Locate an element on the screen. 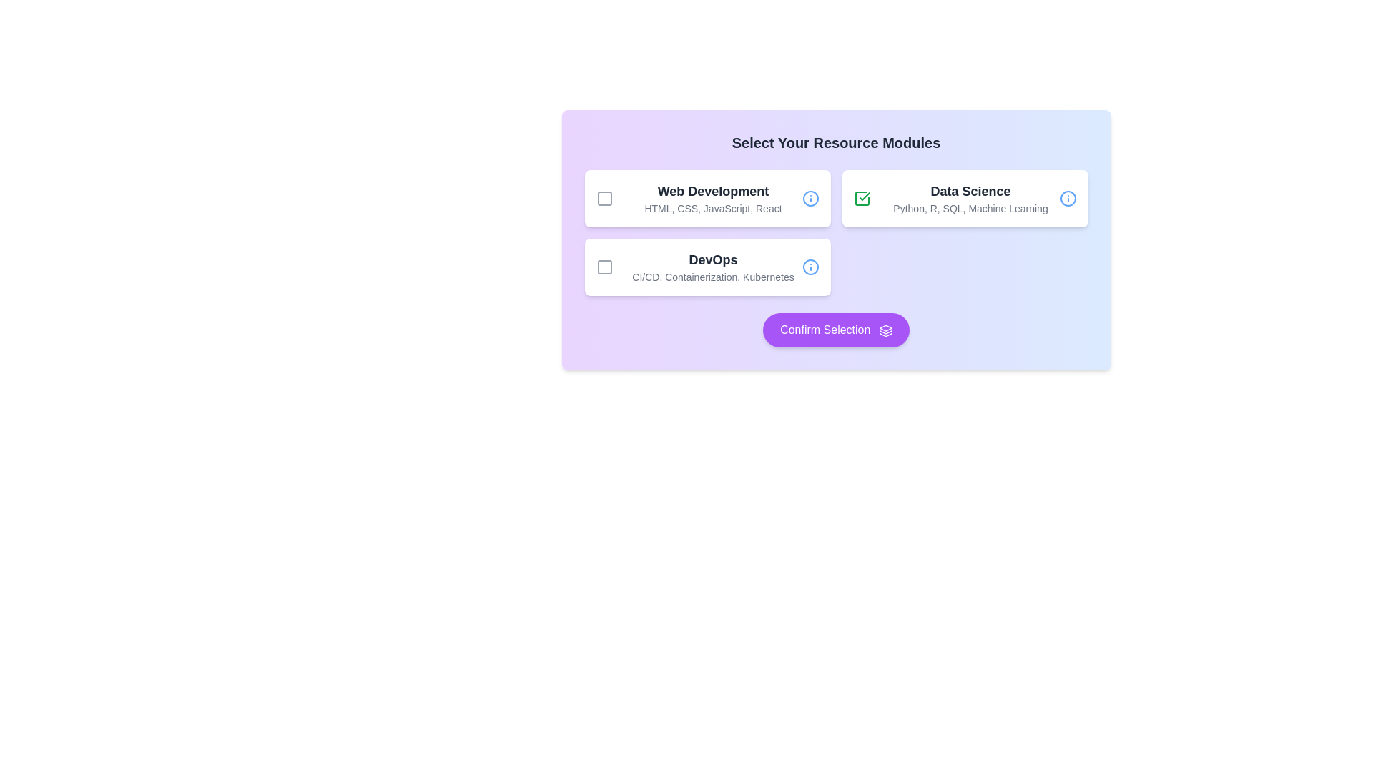 The image size is (1373, 772). the informational icon located at the right end of the 'Data Science' section in the resource selection interface is located at coordinates (1068, 198).